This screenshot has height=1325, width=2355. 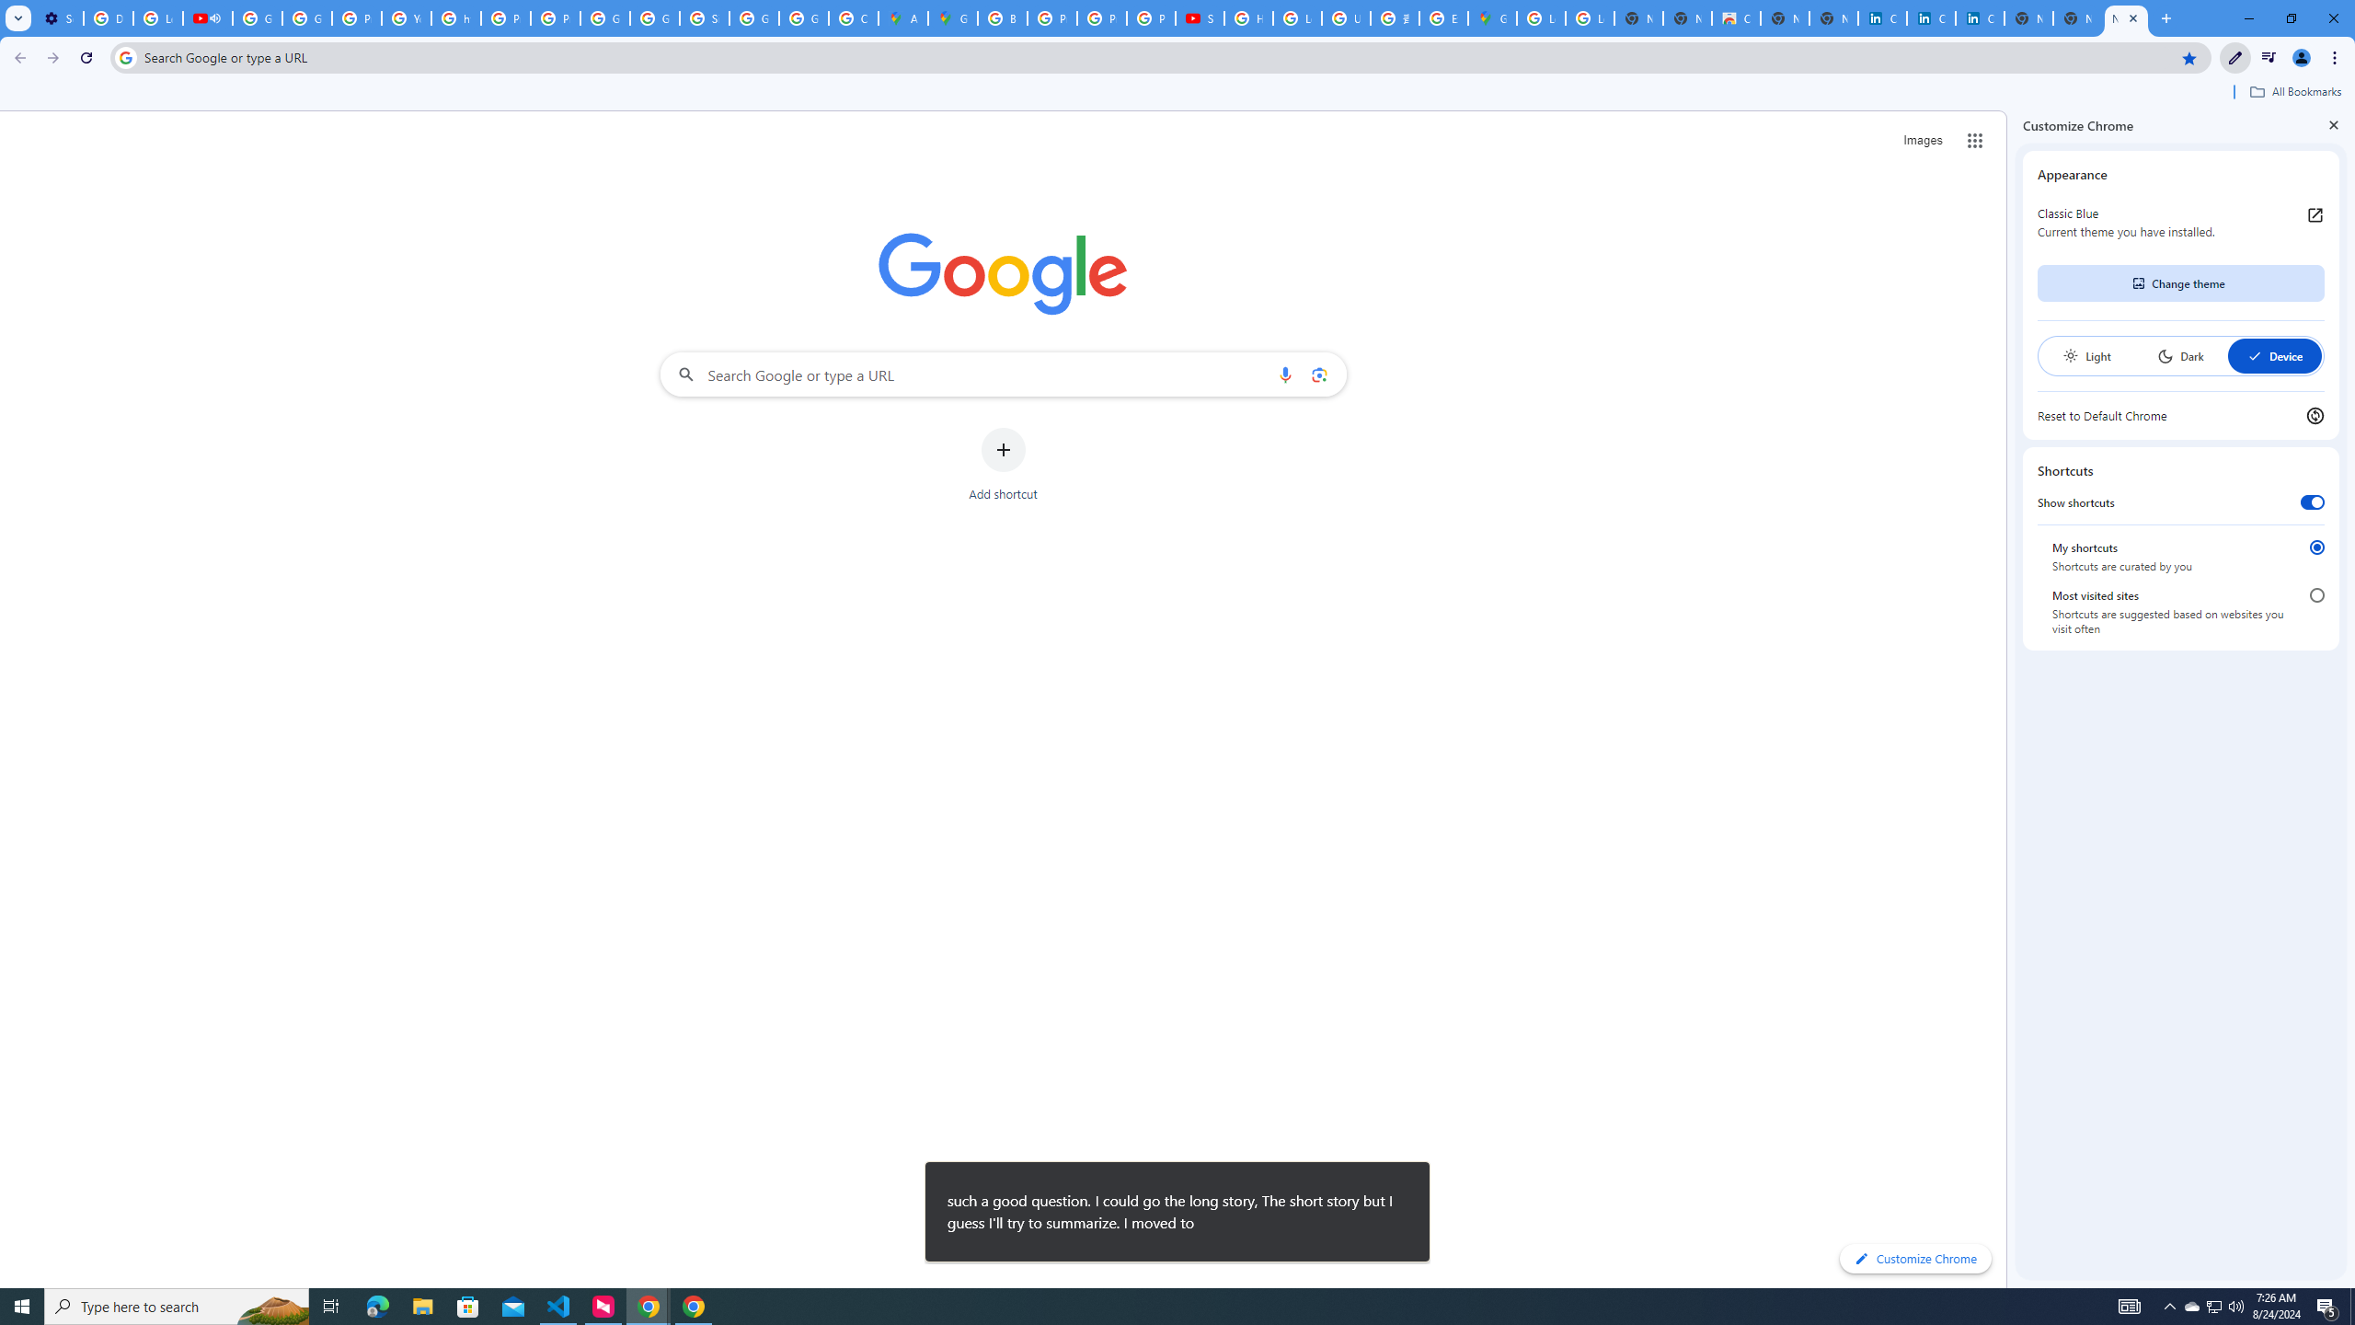 What do you see at coordinates (1882, 17) in the screenshot?
I see `'Cookie Policy | LinkedIn'` at bounding box center [1882, 17].